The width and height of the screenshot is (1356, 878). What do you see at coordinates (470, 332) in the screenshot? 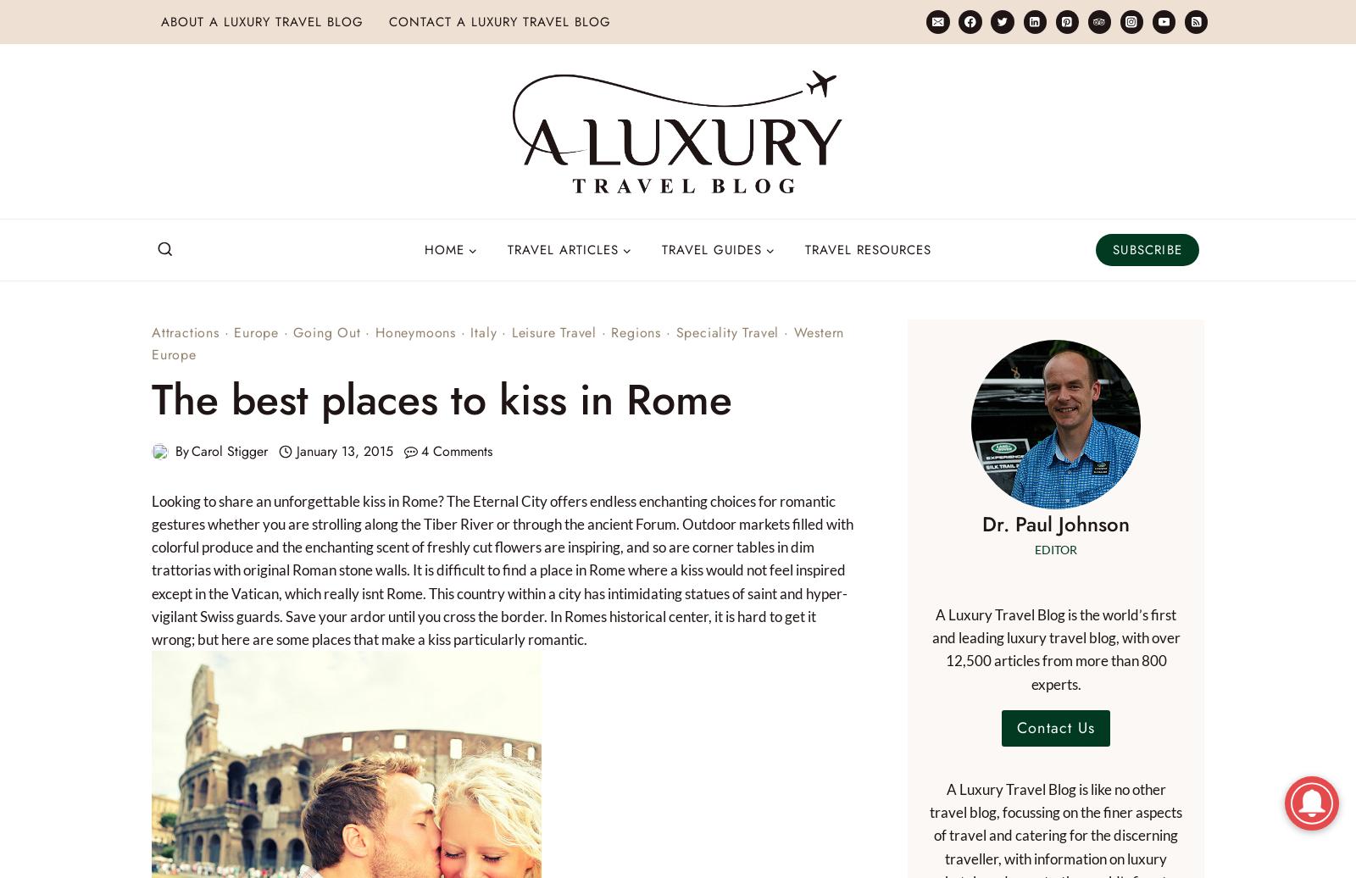
I see `'Italy'` at bounding box center [470, 332].